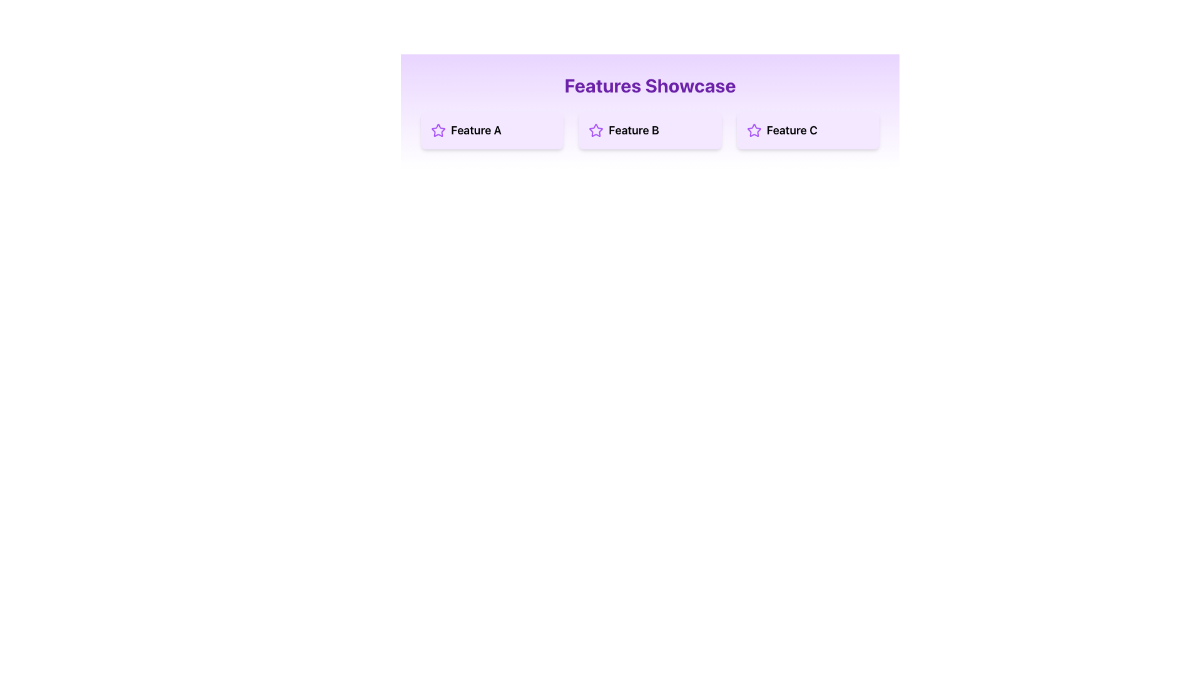 The height and width of the screenshot is (675, 1201). I want to click on the text label displaying 'Feature A' in bold font, located in the 'Features Showcase' section, positioned next to the purple star icon and to the left of 'Feature B', so click(475, 130).